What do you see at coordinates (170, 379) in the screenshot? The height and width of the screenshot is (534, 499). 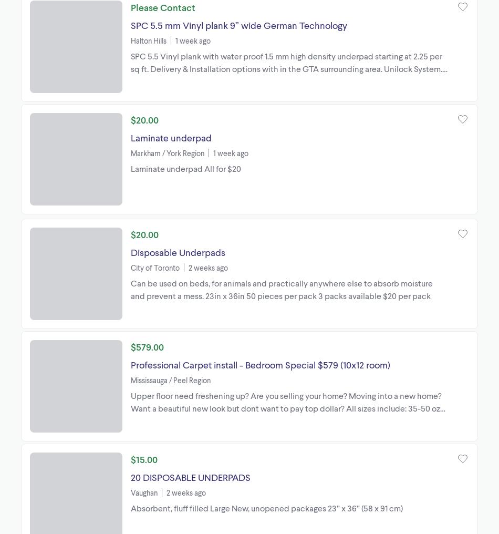 I see `'Mississauga / Peel Region'` at bounding box center [170, 379].